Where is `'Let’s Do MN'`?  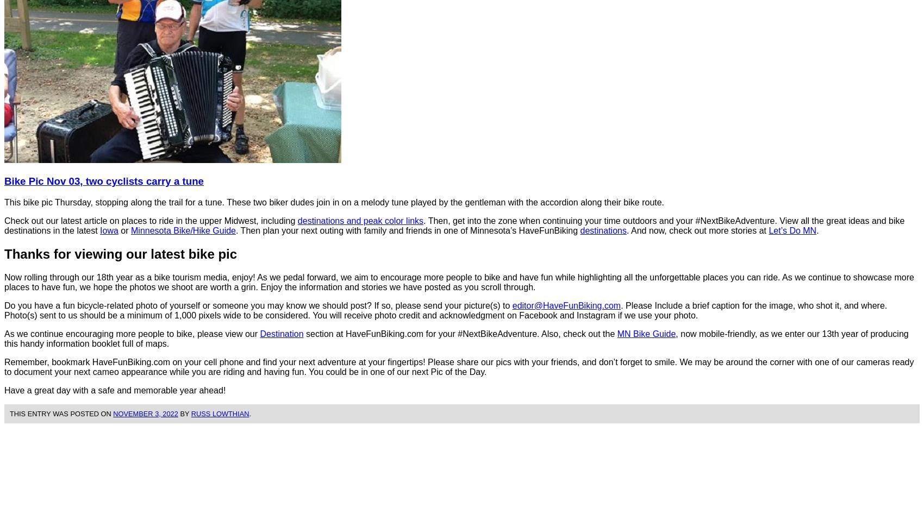 'Let’s Do MN' is located at coordinates (791, 229).